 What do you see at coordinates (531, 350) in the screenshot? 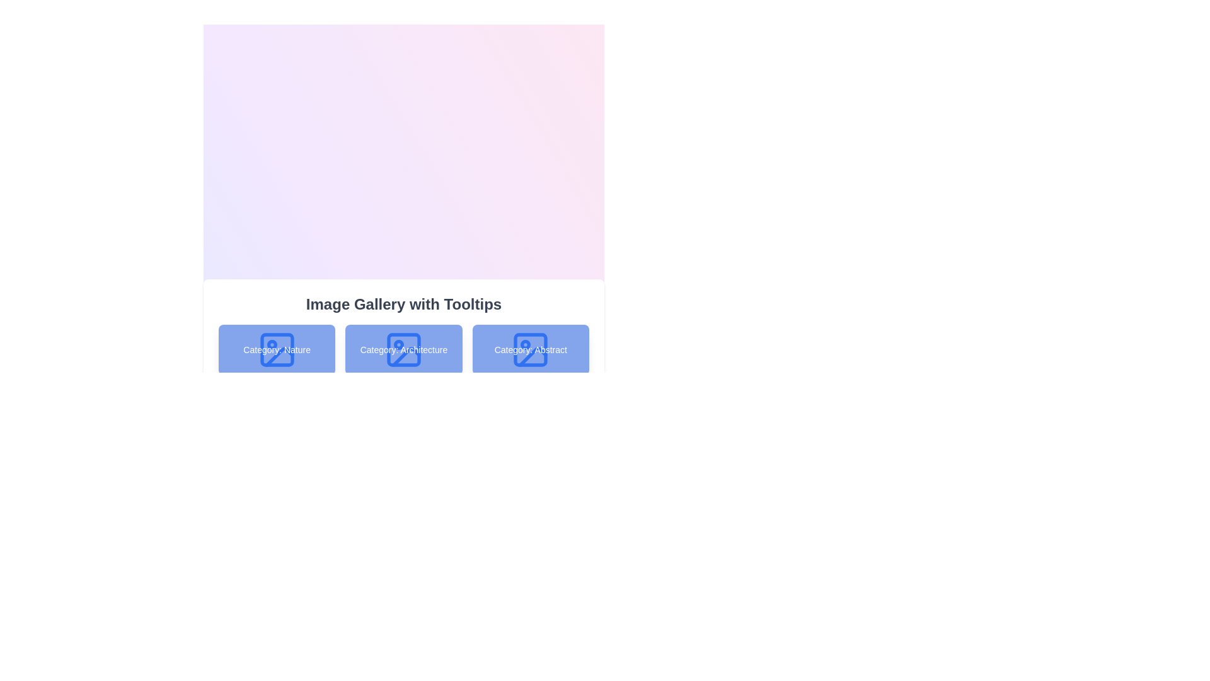
I see `the decorative icon representing the 'Abstract' category, located centrally within the third button from the left in the bottom section of the interface` at bounding box center [531, 350].